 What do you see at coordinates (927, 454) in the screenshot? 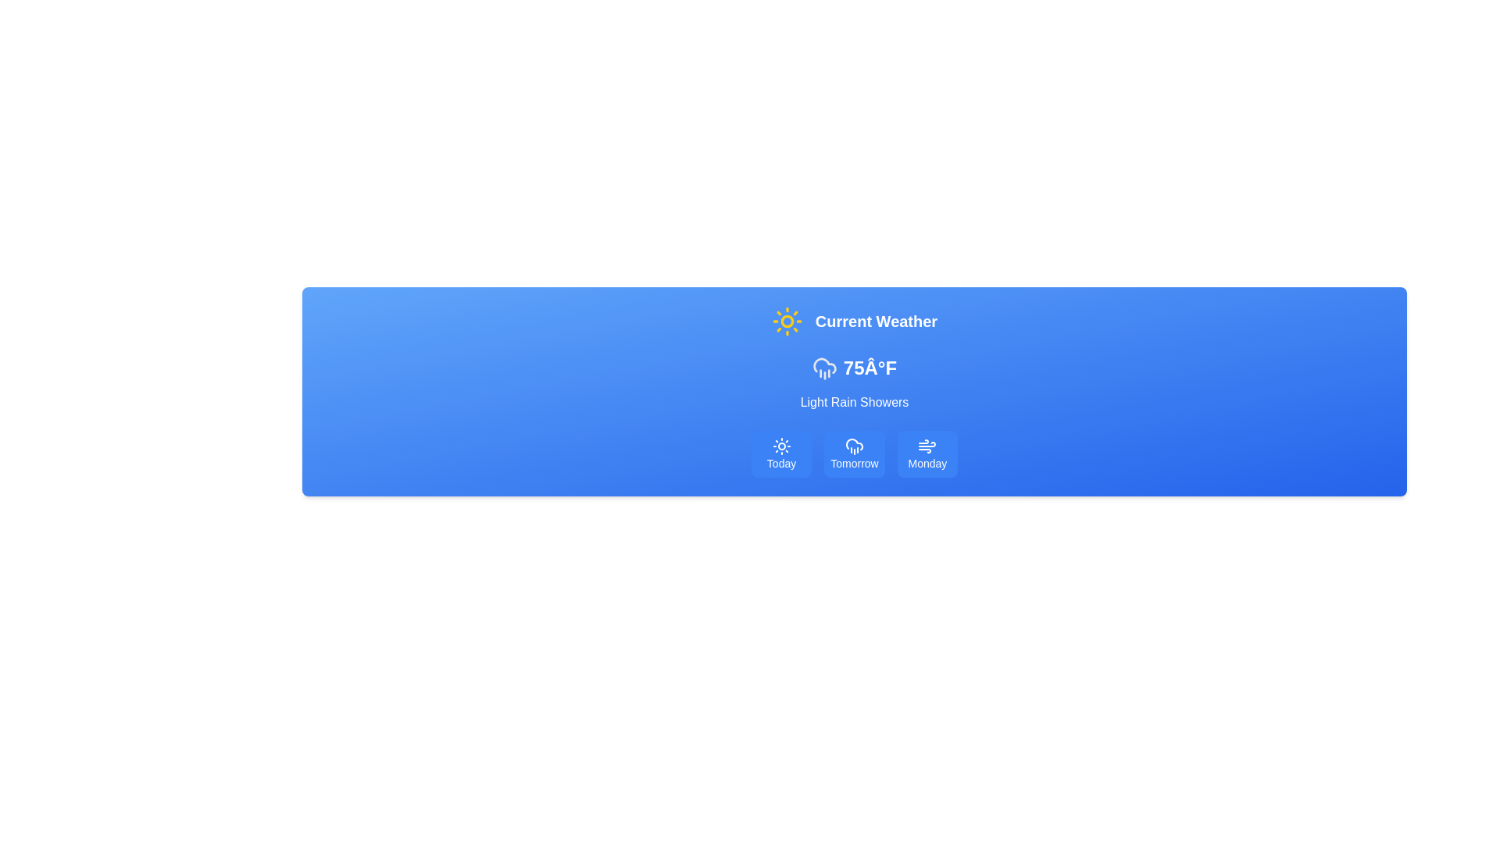
I see `the button-like grid item labeled 'Monday' with a blue background and white wind icon` at bounding box center [927, 454].